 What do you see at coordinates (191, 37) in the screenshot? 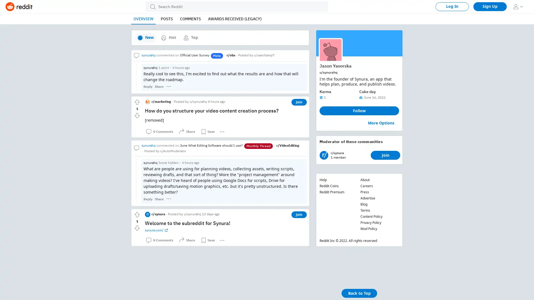
I see `Top` at bounding box center [191, 37].